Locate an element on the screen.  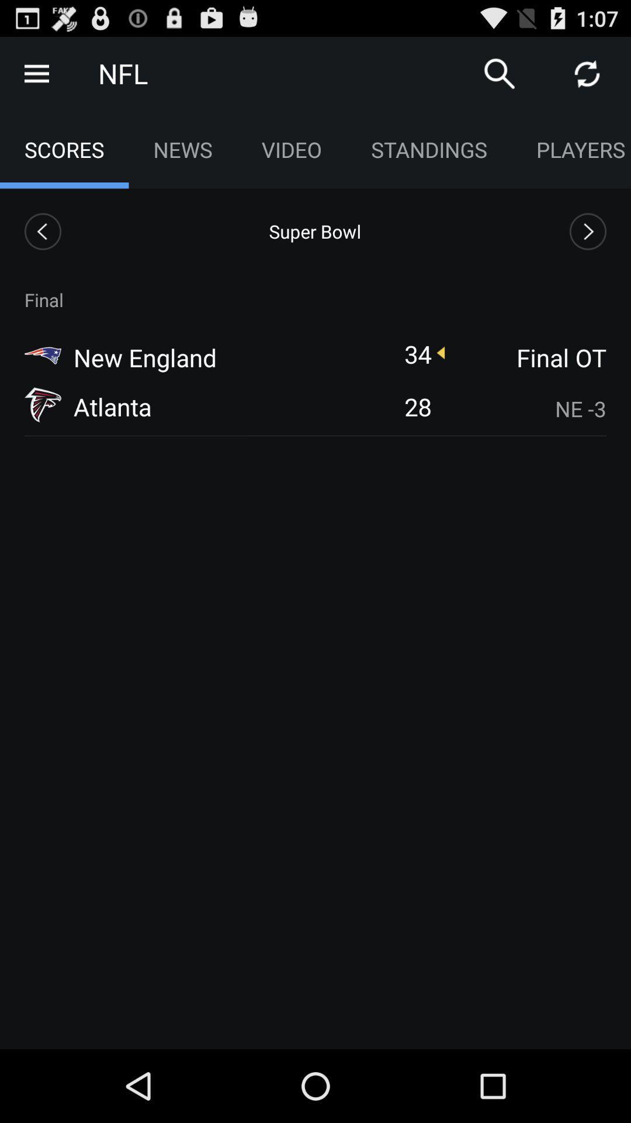
the menu icon is located at coordinates (36, 78).